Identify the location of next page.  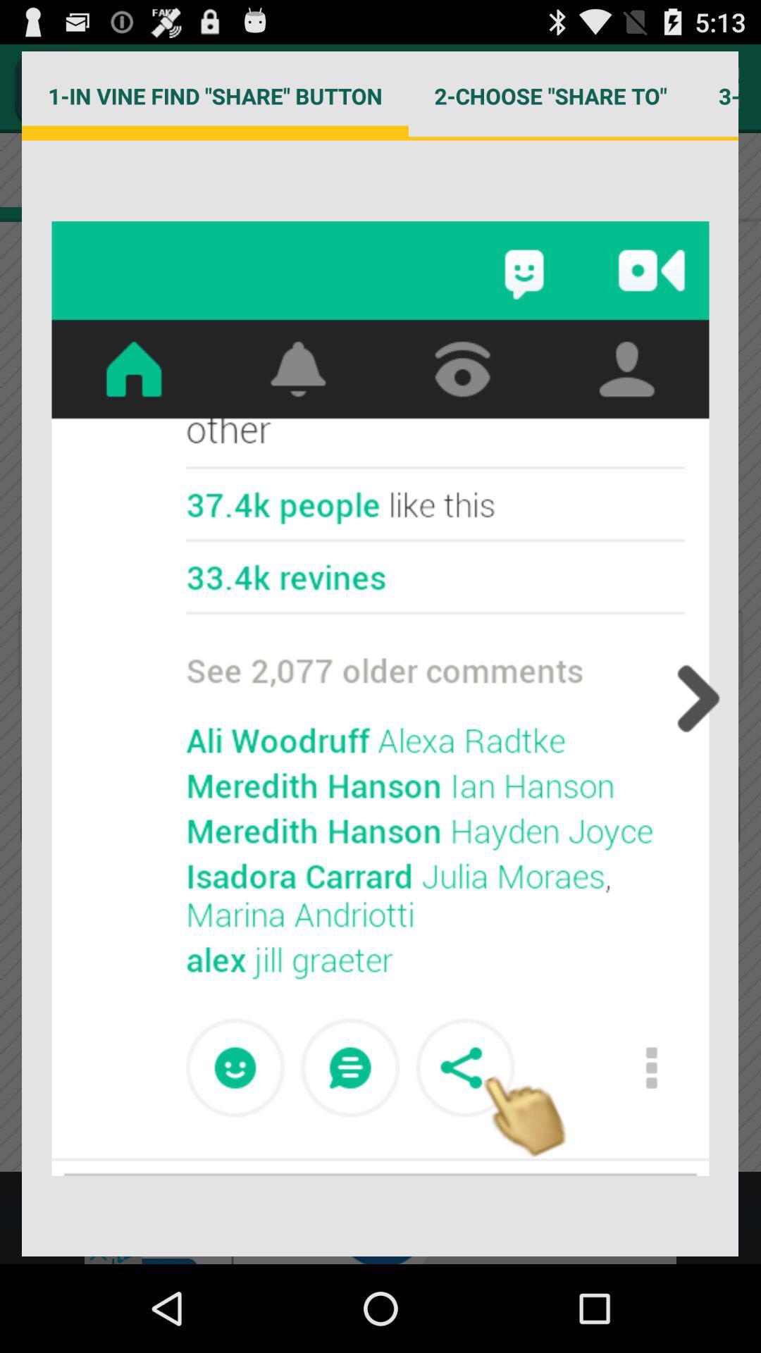
(693, 698).